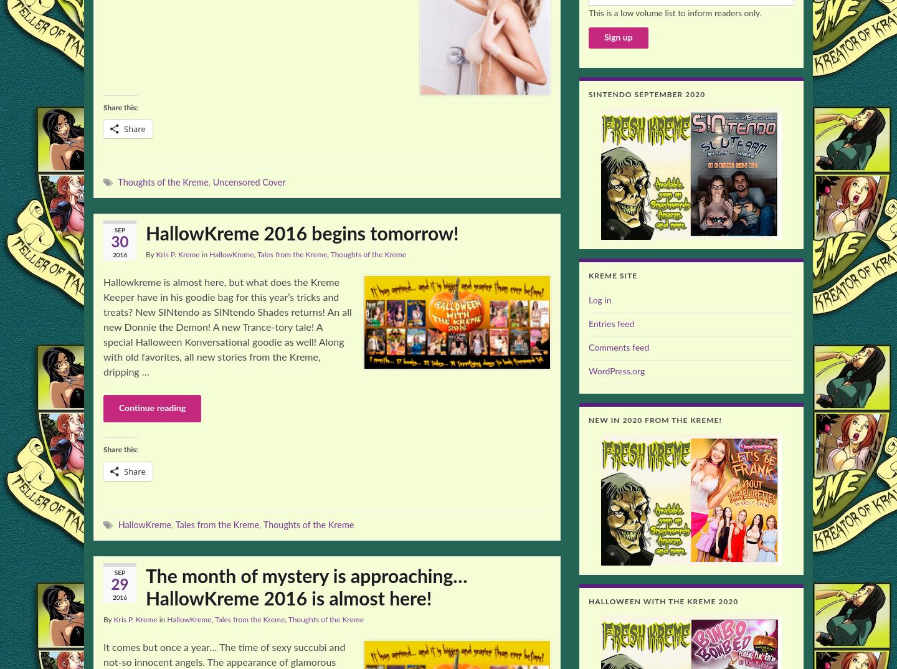  Describe the element at coordinates (151, 407) in the screenshot. I see `'Continue reading'` at that location.